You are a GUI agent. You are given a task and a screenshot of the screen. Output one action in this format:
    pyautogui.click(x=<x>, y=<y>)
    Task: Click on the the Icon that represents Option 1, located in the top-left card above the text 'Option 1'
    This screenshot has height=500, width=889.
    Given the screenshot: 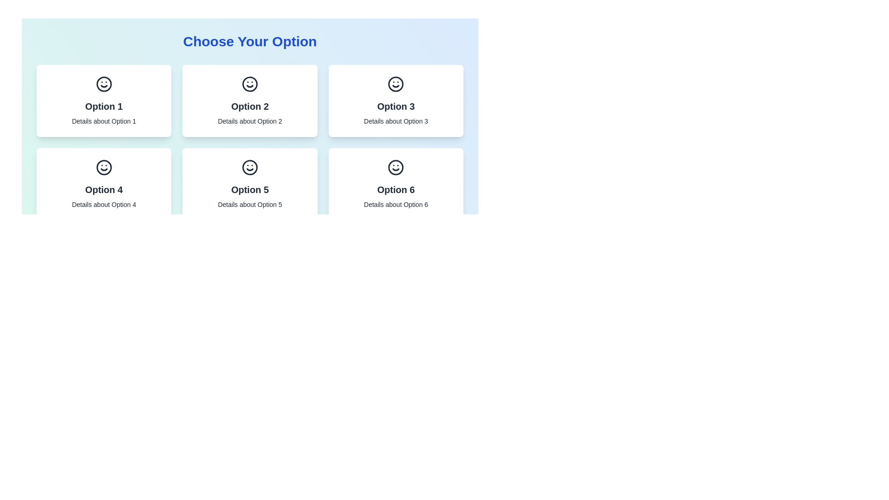 What is the action you would take?
    pyautogui.click(x=104, y=84)
    